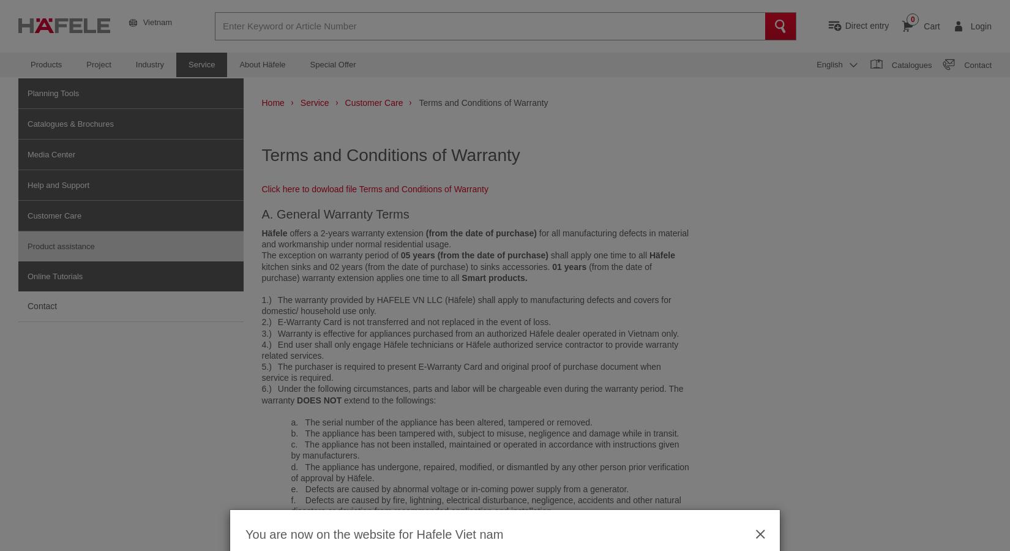 The height and width of the screenshot is (551, 1010). I want to click on 'h.   Defects are caused by chemical reaction, excessive heat, excessive dust, corrosive surroundings, such as cement factory, animal farm, etc.', so click(482, 539).